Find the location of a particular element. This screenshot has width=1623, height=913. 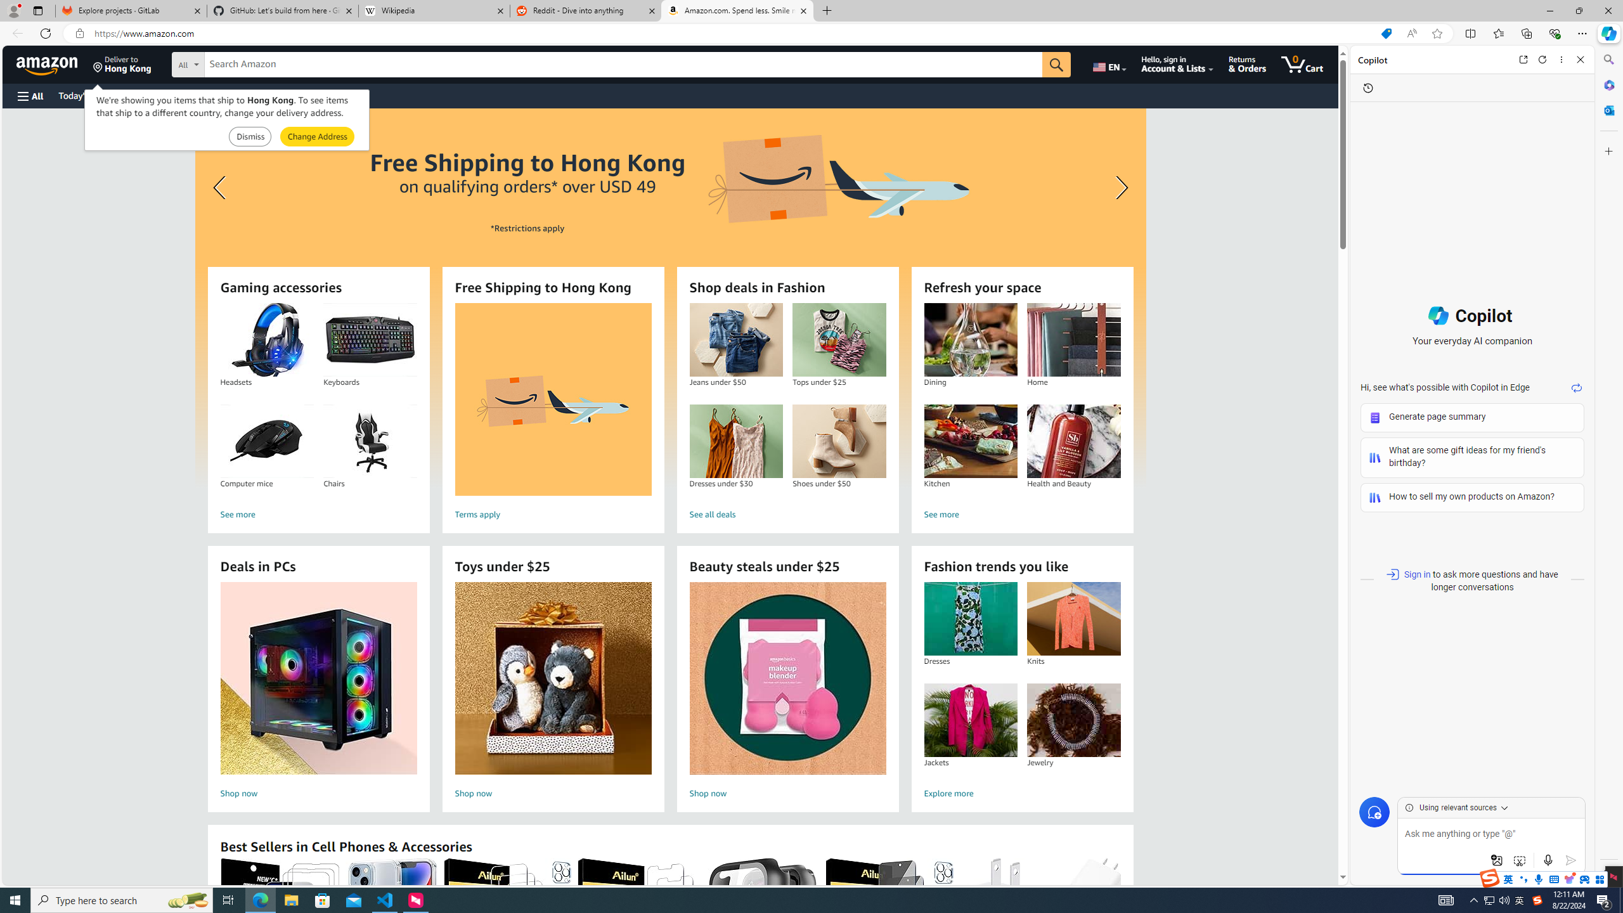

'Search Amazon' is located at coordinates (623, 65).